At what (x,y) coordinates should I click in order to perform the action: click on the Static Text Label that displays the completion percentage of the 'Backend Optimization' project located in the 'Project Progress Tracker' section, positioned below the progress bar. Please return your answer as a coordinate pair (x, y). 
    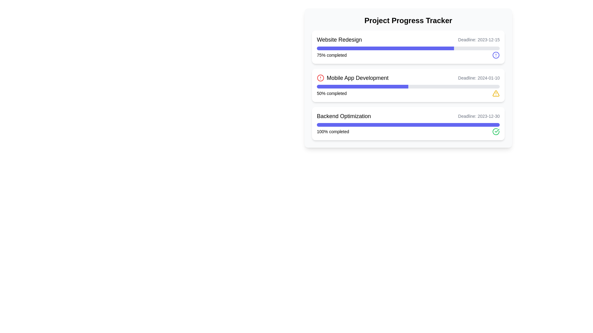
    Looking at the image, I should click on (333, 131).